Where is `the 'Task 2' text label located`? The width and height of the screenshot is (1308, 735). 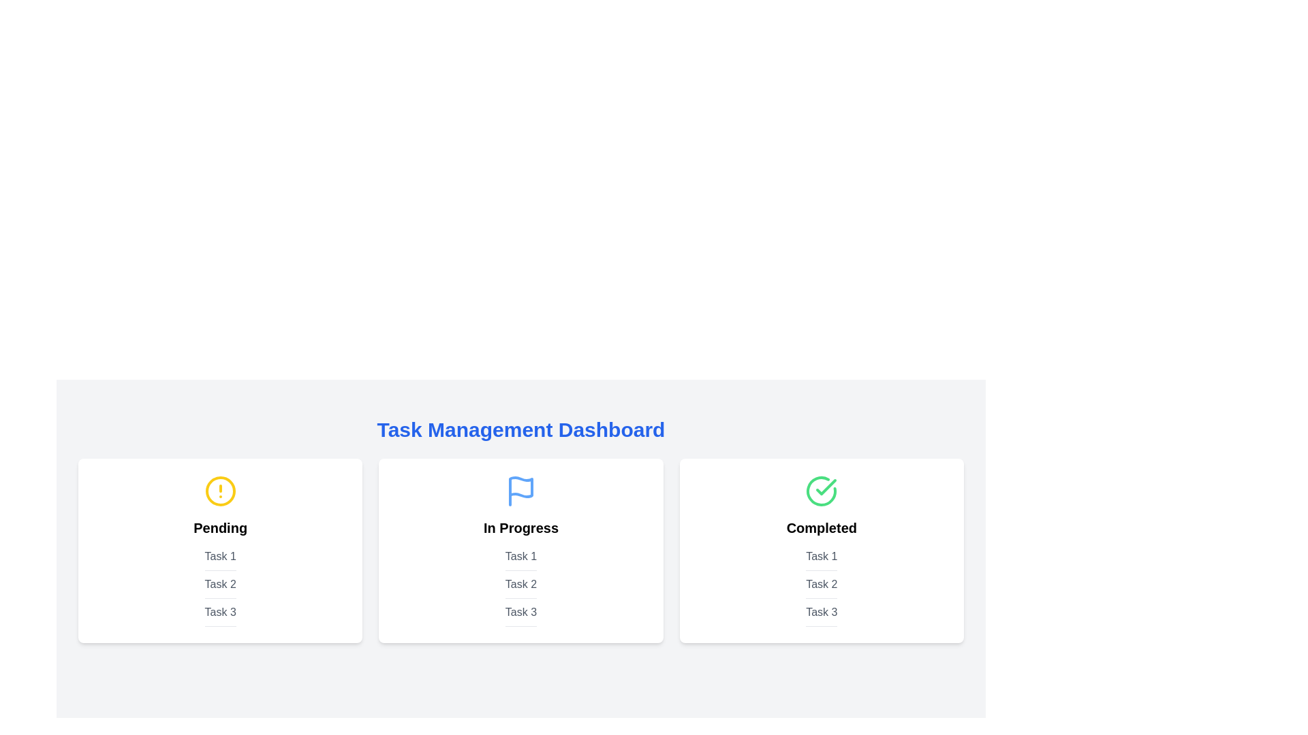 the 'Task 2' text label located is located at coordinates (821, 587).